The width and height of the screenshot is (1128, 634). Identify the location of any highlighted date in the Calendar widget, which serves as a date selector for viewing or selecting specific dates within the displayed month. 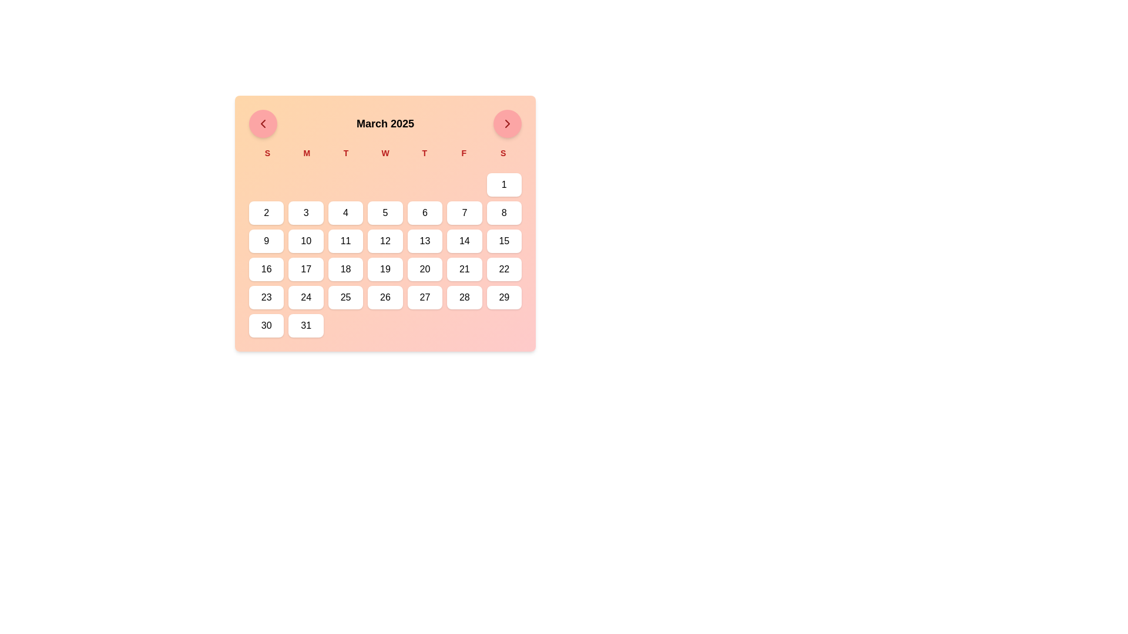
(385, 224).